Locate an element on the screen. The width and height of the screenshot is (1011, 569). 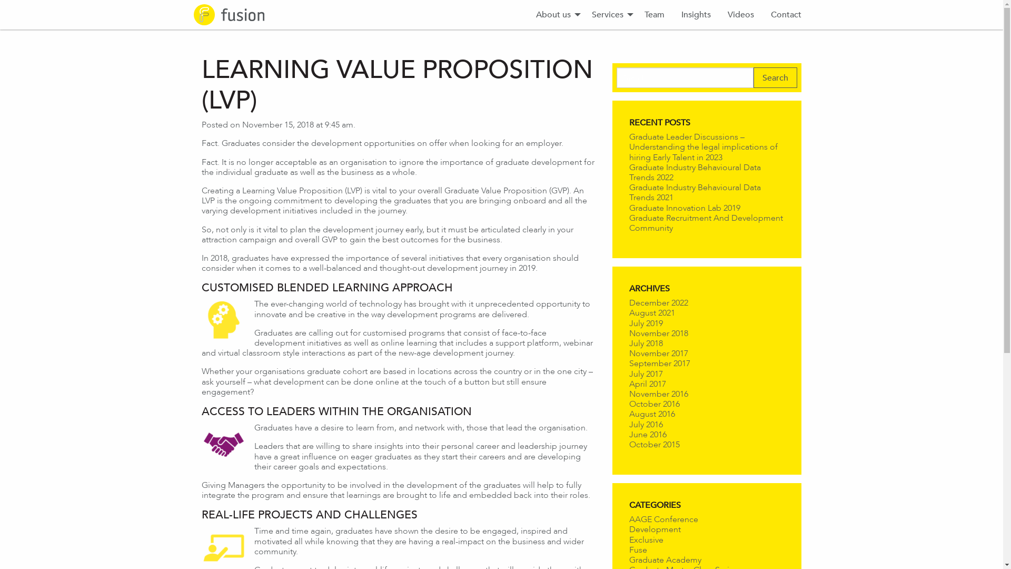
'November 2017' is located at coordinates (657, 353).